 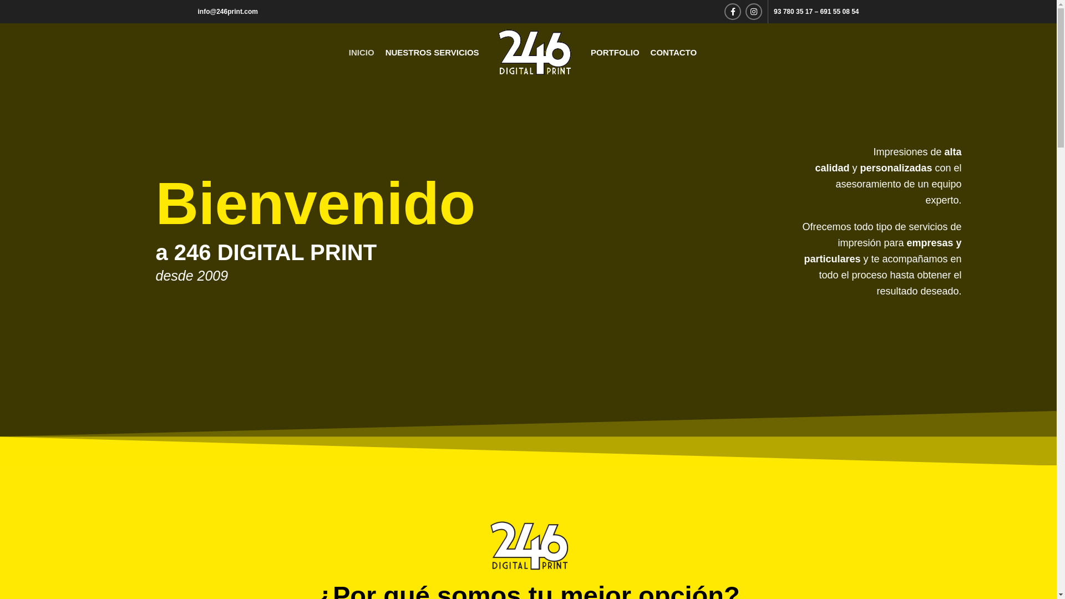 I want to click on 'NUESTROS SERVICIOS', so click(x=432, y=52).